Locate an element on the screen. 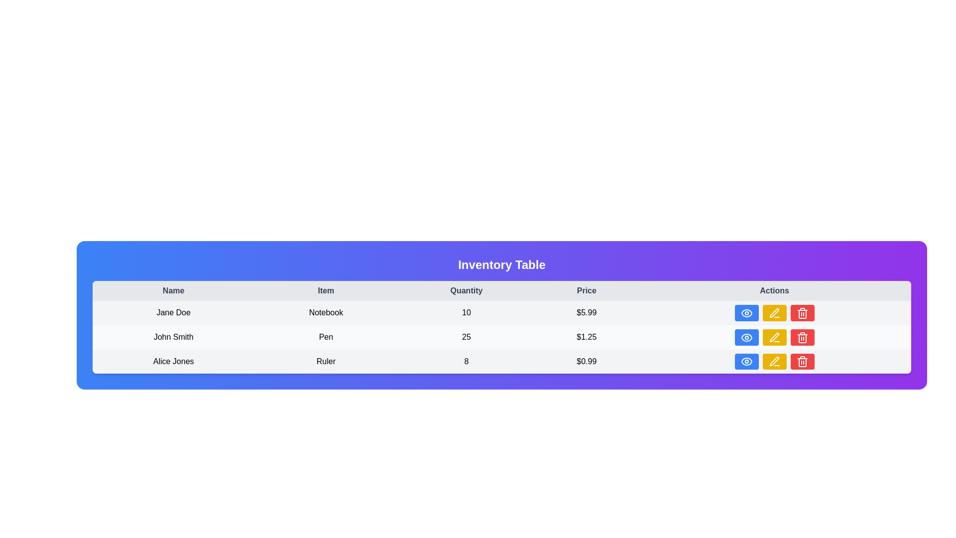 This screenshot has width=956, height=538. the preview action button located in the 'Actions' column of the first row of the table is located at coordinates (746, 312).